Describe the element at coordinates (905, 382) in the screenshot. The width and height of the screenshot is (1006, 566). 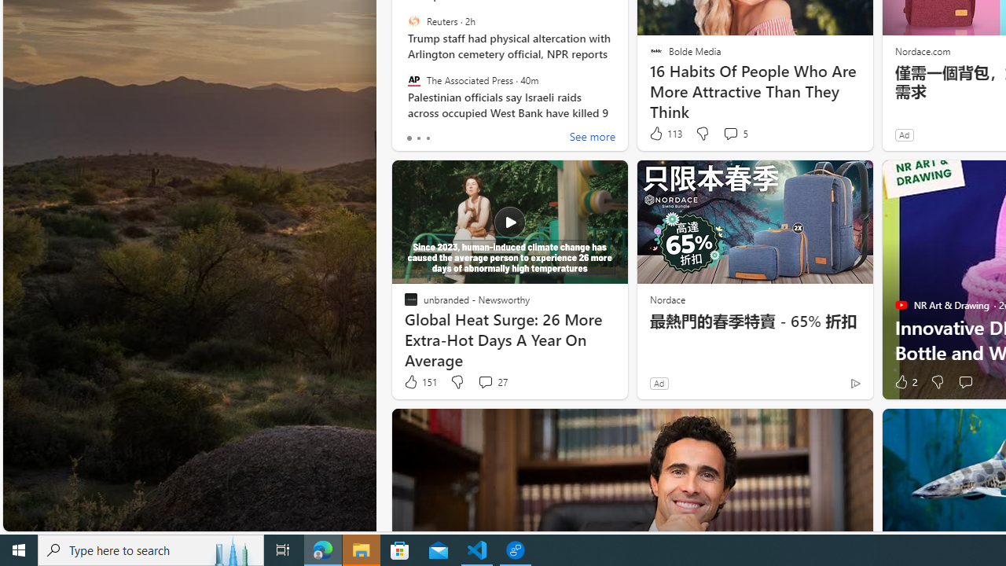
I see `'2 Like'` at that location.